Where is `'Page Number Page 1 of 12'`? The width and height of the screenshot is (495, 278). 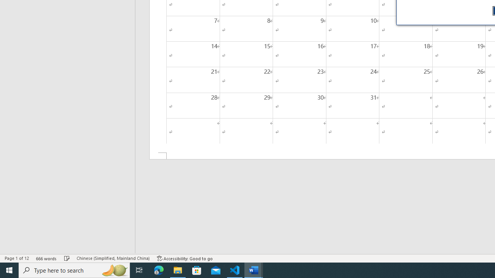
'Page Number Page 1 of 12' is located at coordinates (17, 258).